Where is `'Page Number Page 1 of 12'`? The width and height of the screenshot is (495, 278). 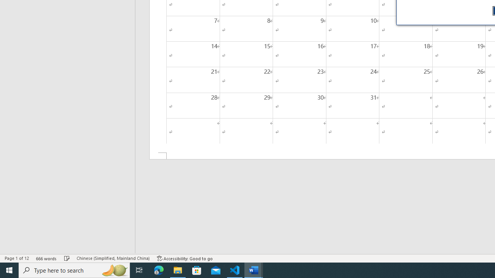
'Page Number Page 1 of 12' is located at coordinates (17, 258).